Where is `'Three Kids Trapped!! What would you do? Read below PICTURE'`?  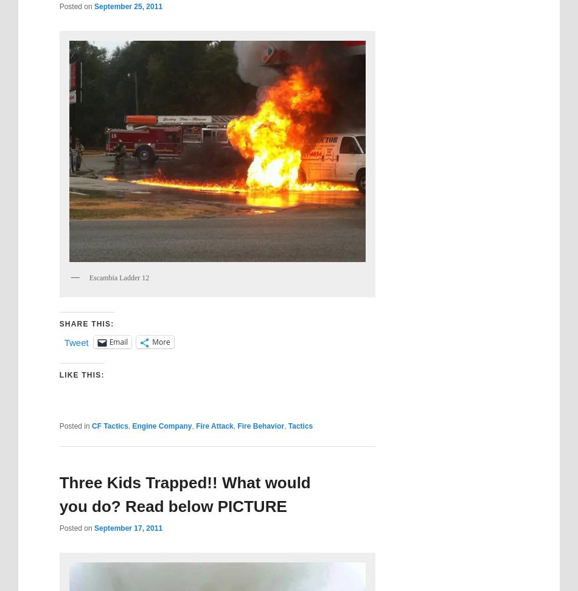
'Three Kids Trapped!! What would you do? Read below PICTURE' is located at coordinates (184, 493).